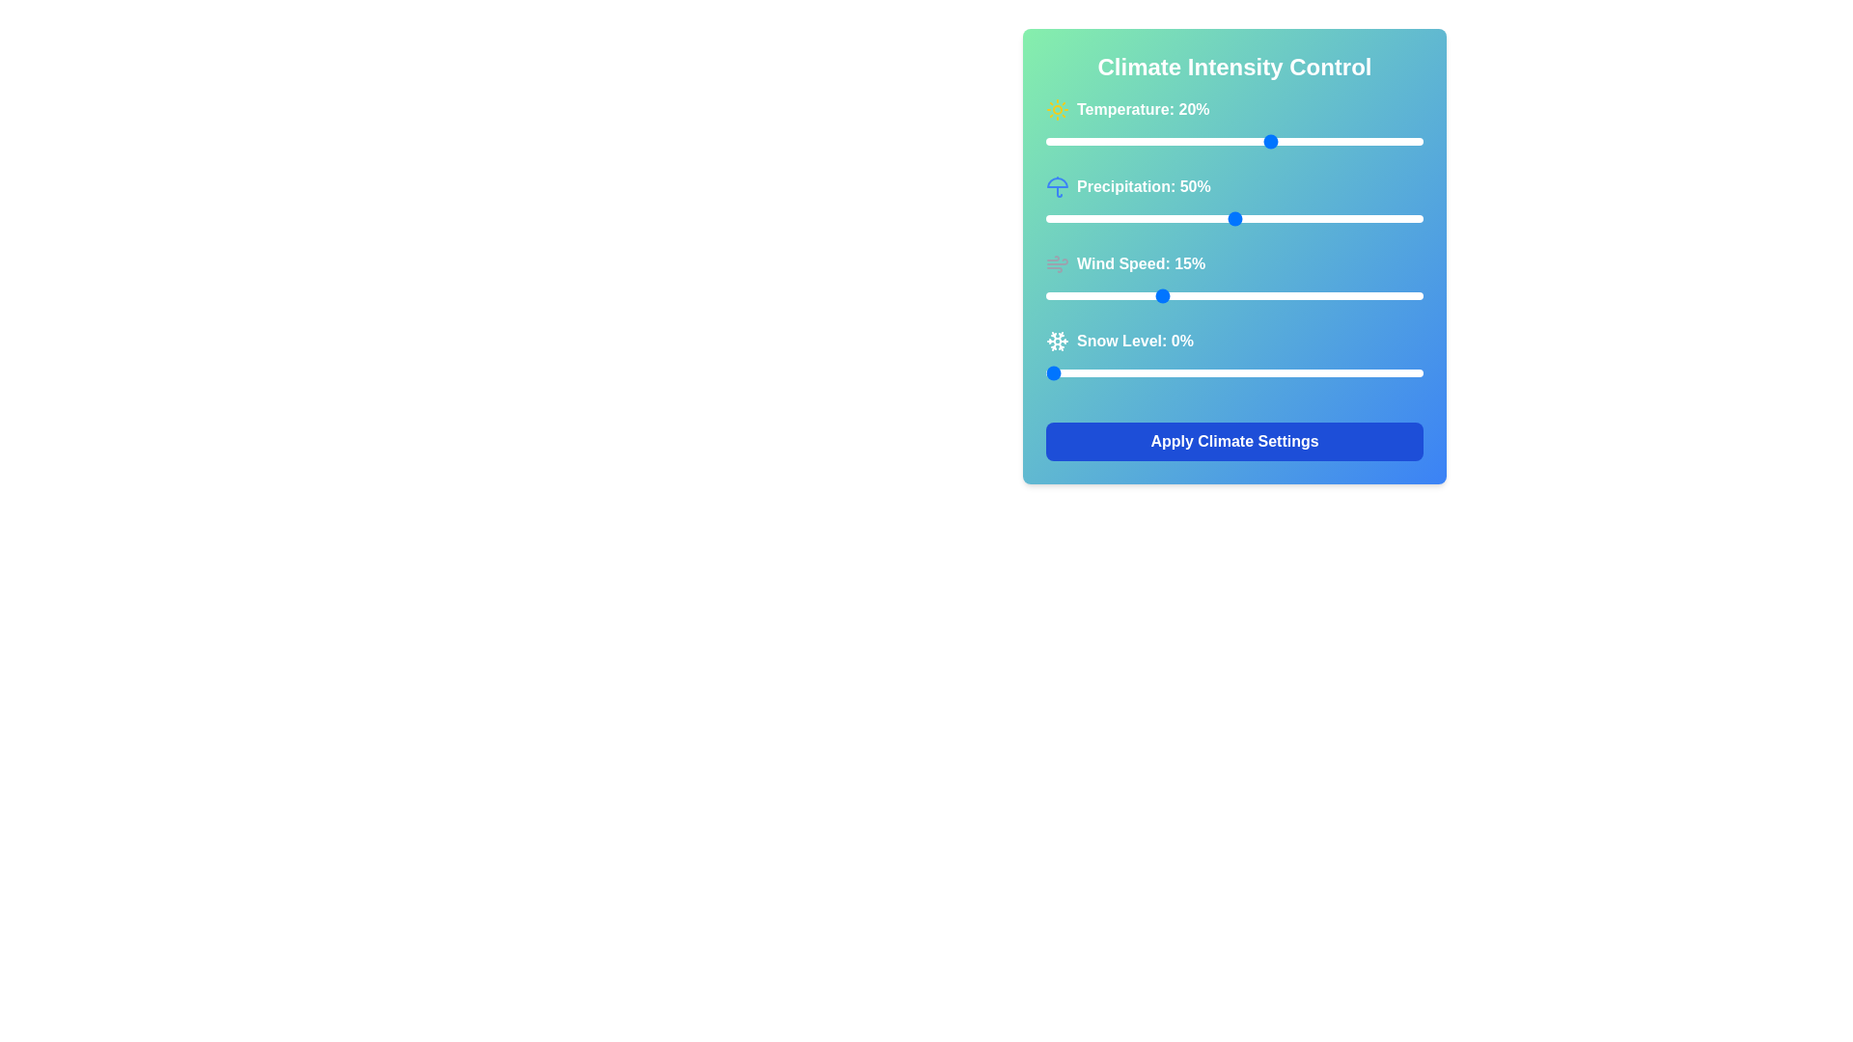  I want to click on Precipitation, so click(1377, 218).